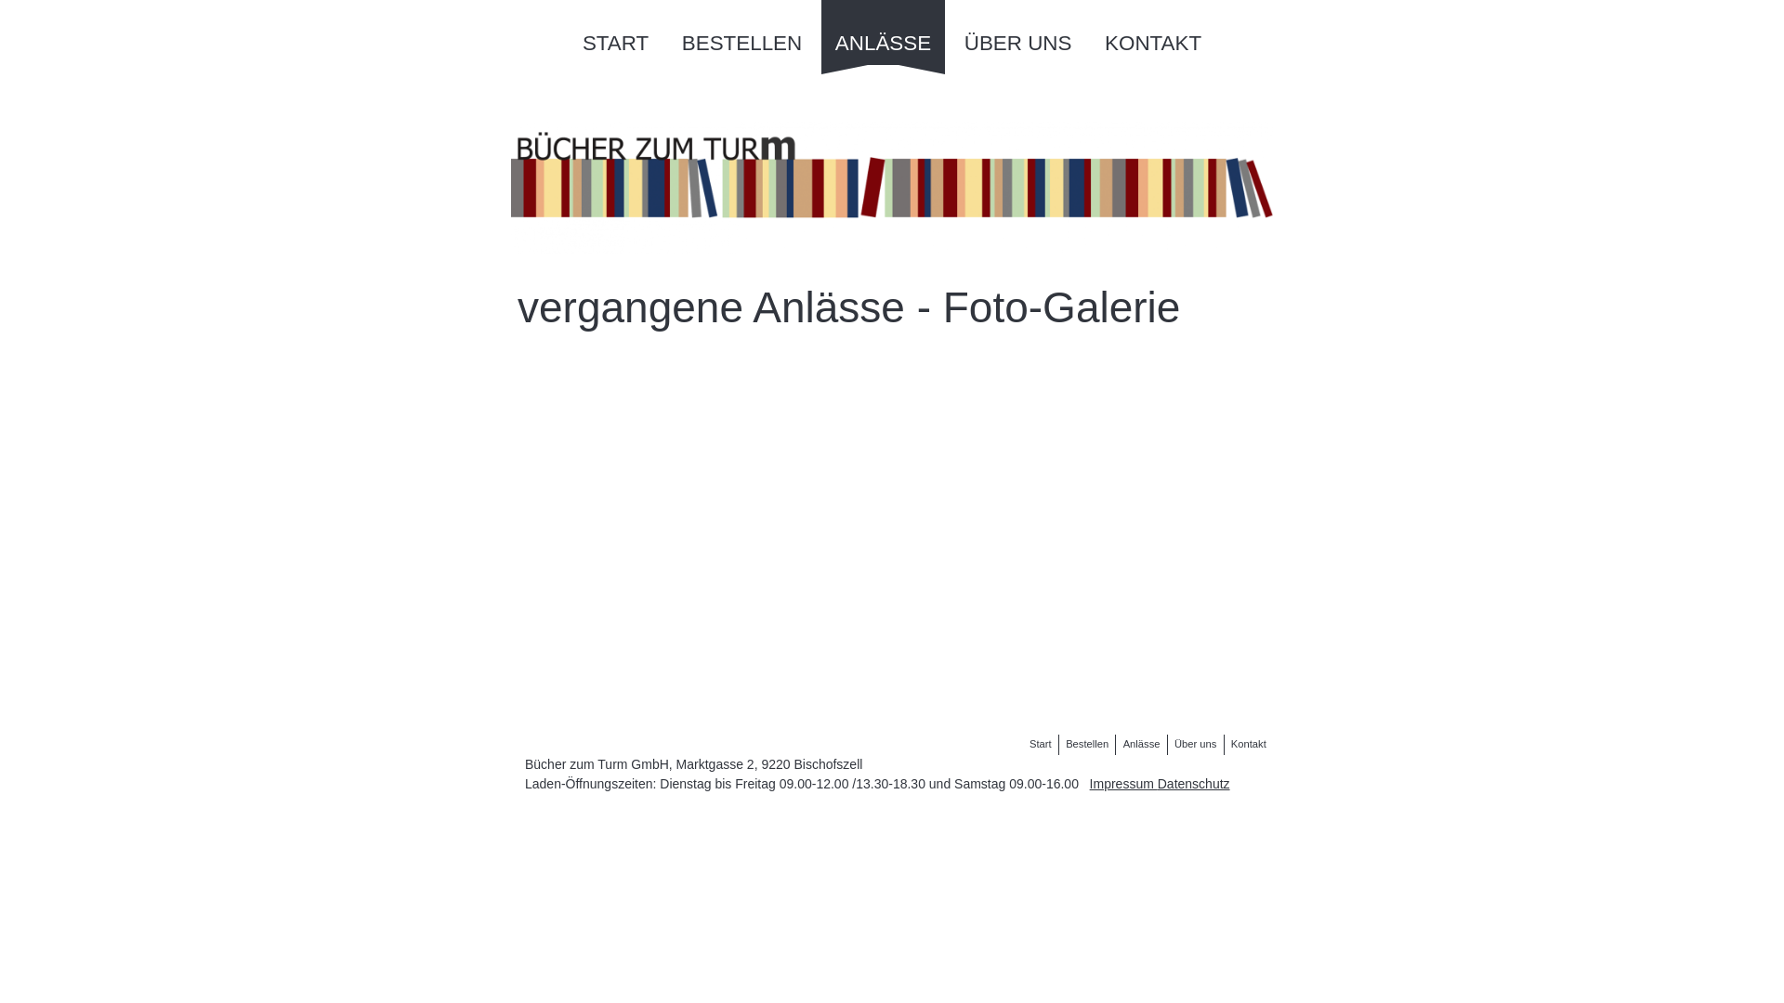 The height and width of the screenshot is (1003, 1784). I want to click on 'Start', so click(1039, 743).